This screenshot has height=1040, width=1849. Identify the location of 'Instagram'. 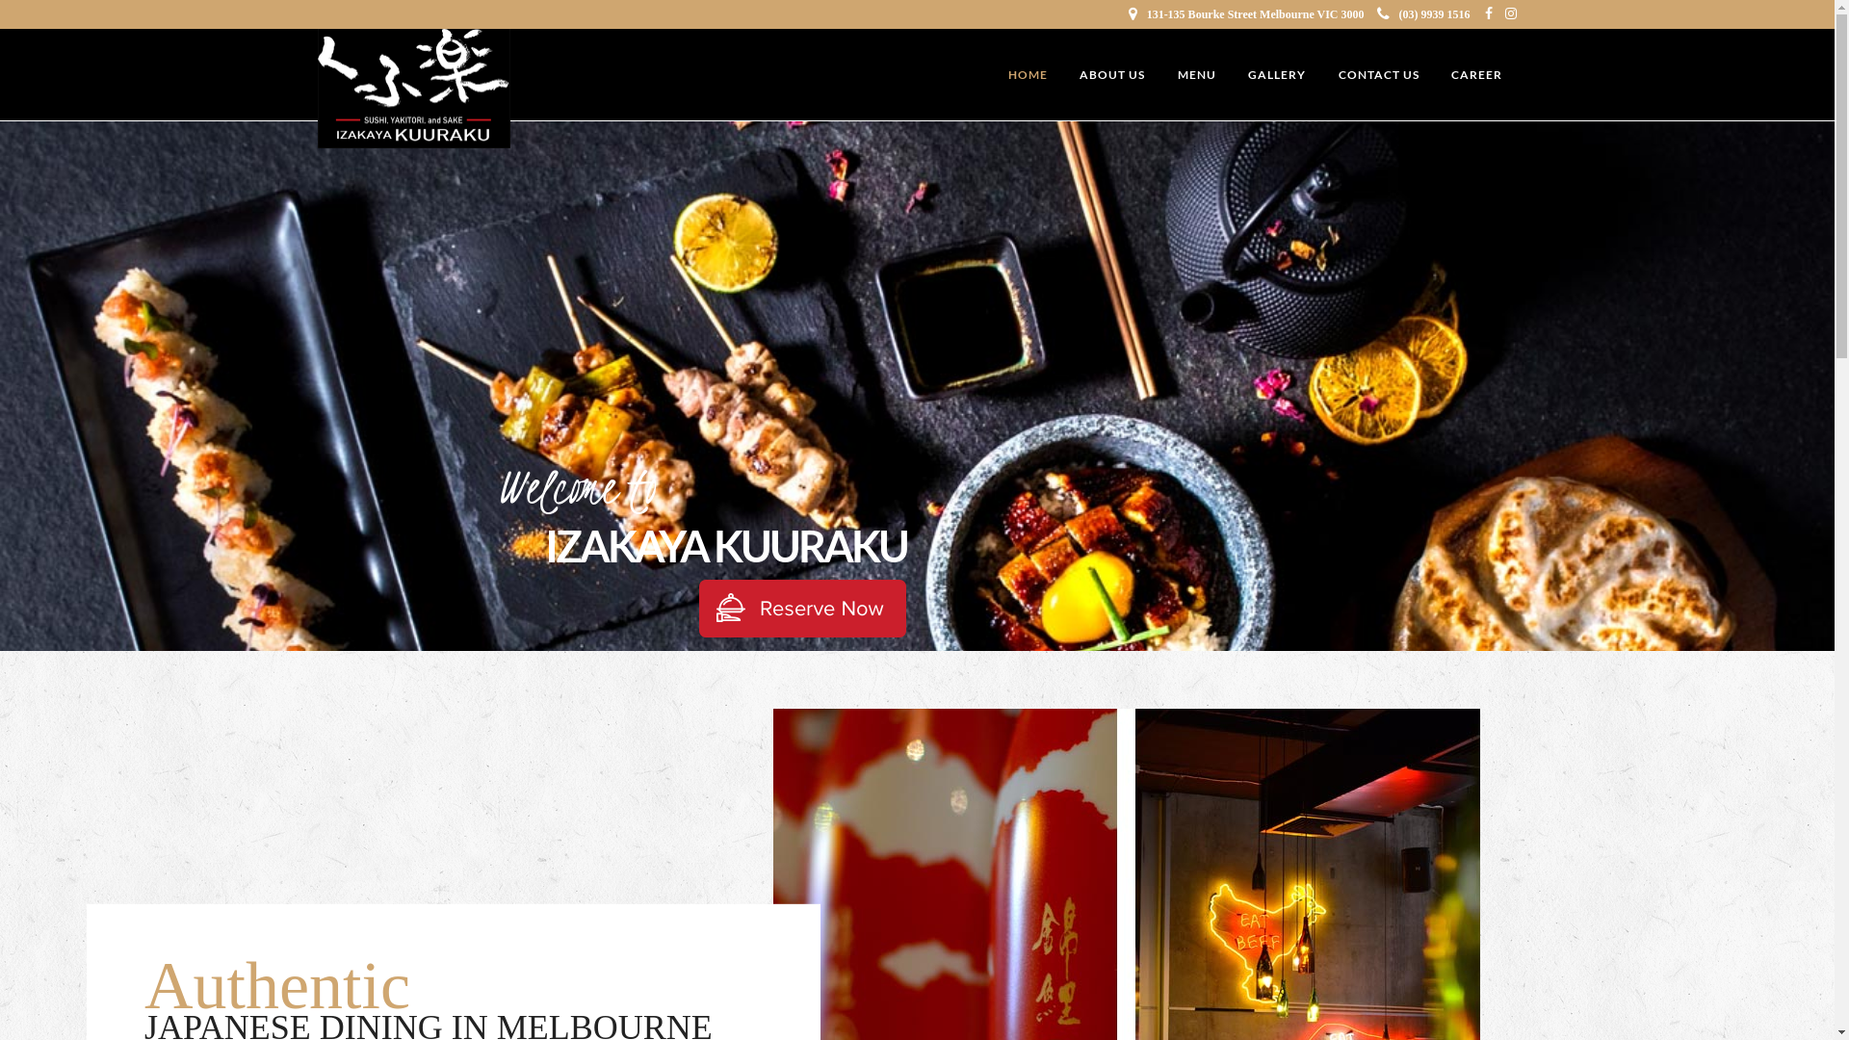
(1504, 14).